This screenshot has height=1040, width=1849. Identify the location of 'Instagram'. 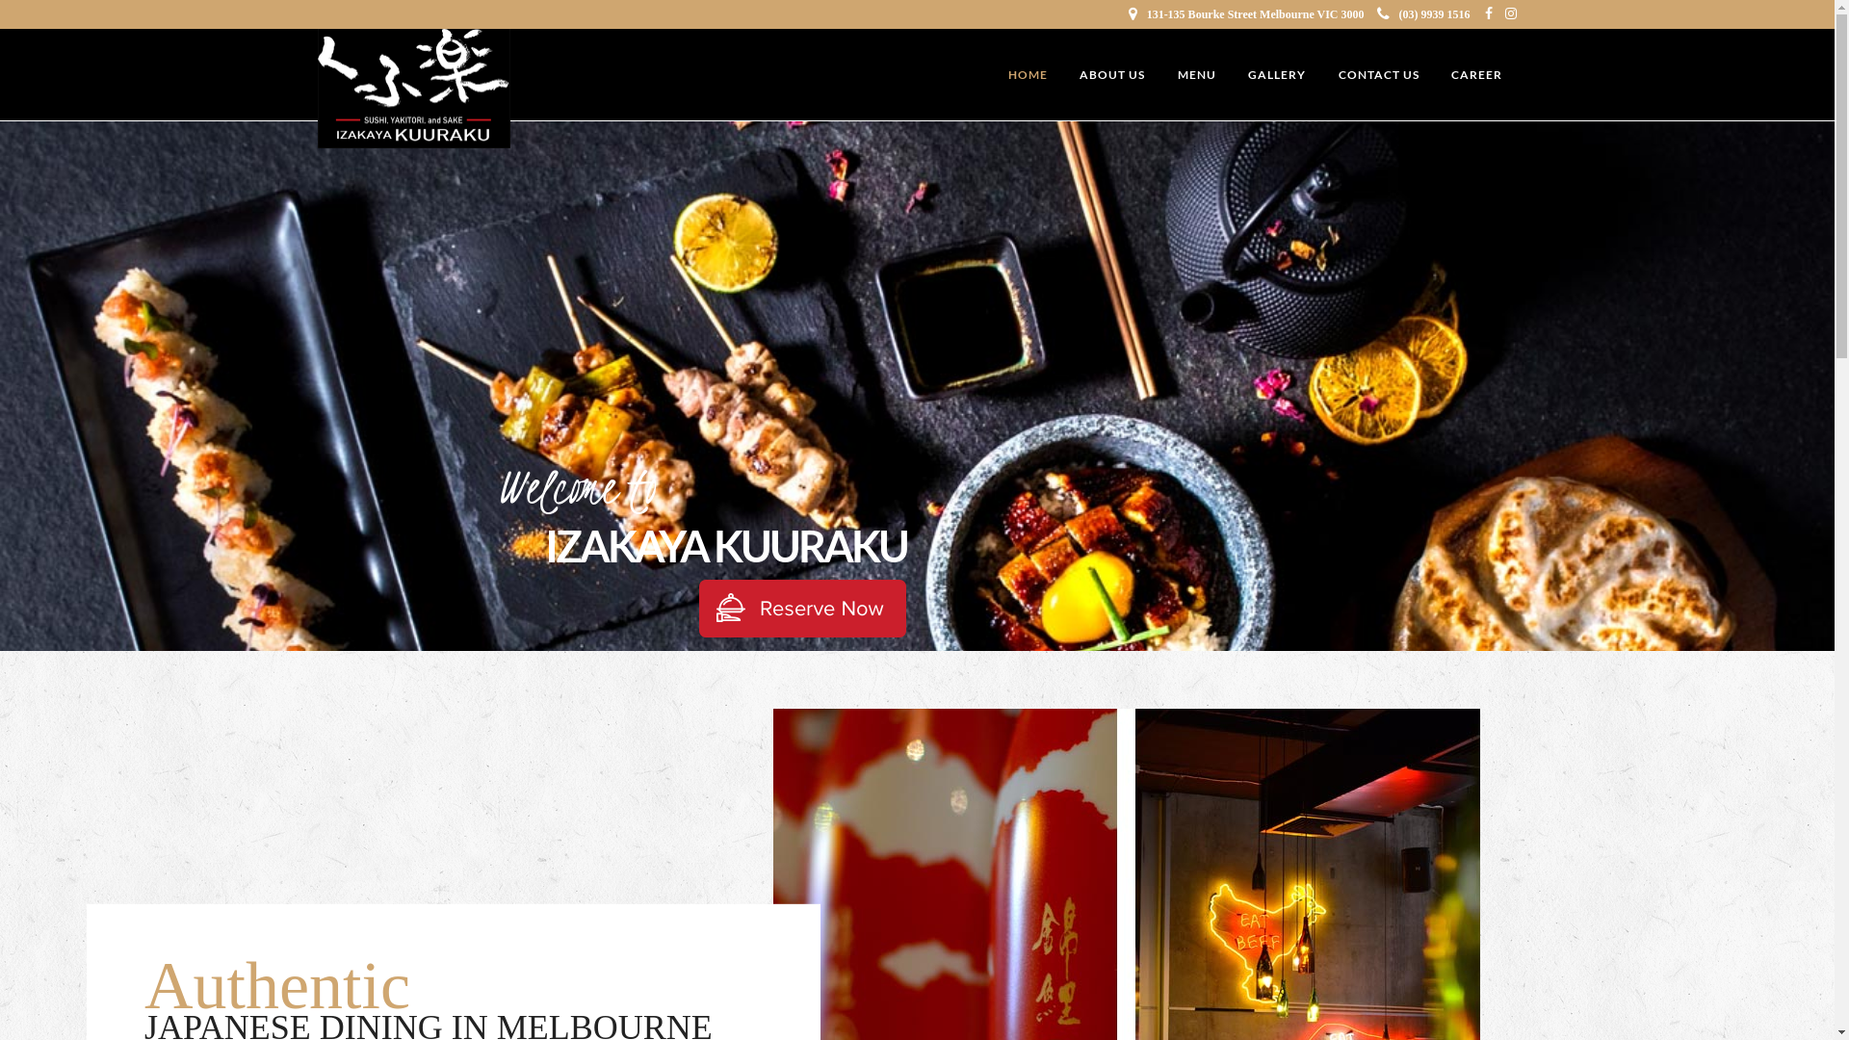
(1504, 14).